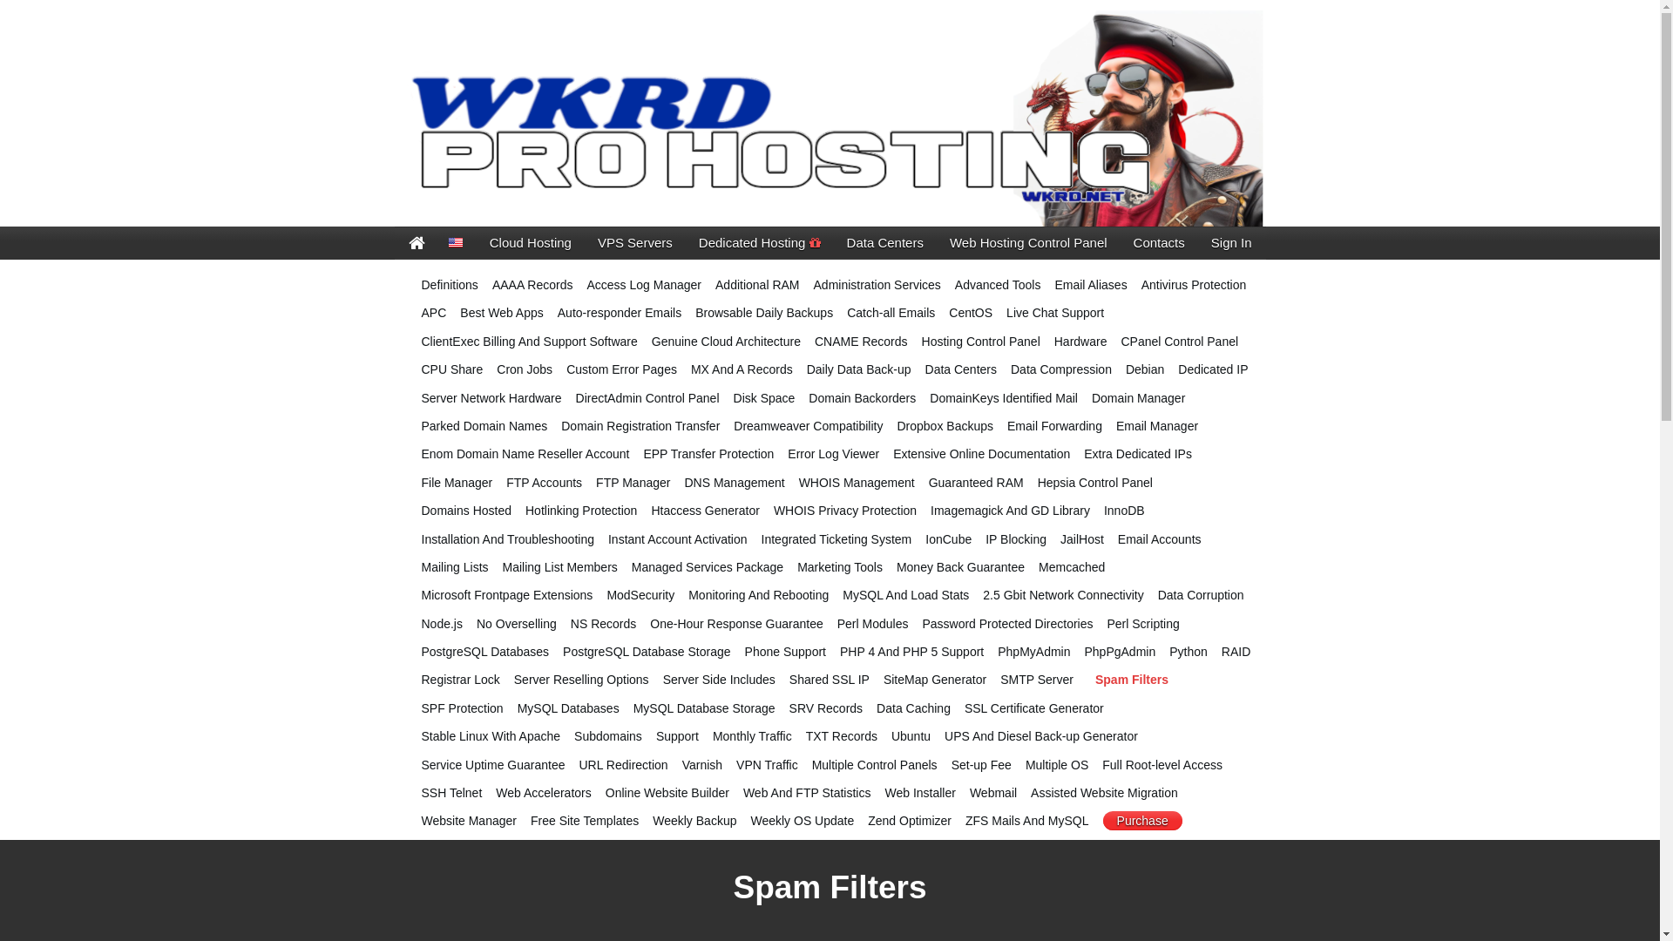 The image size is (1673, 941). Describe the element at coordinates (1027, 820) in the screenshot. I see `'ZFS Mails And MySQL'` at that location.